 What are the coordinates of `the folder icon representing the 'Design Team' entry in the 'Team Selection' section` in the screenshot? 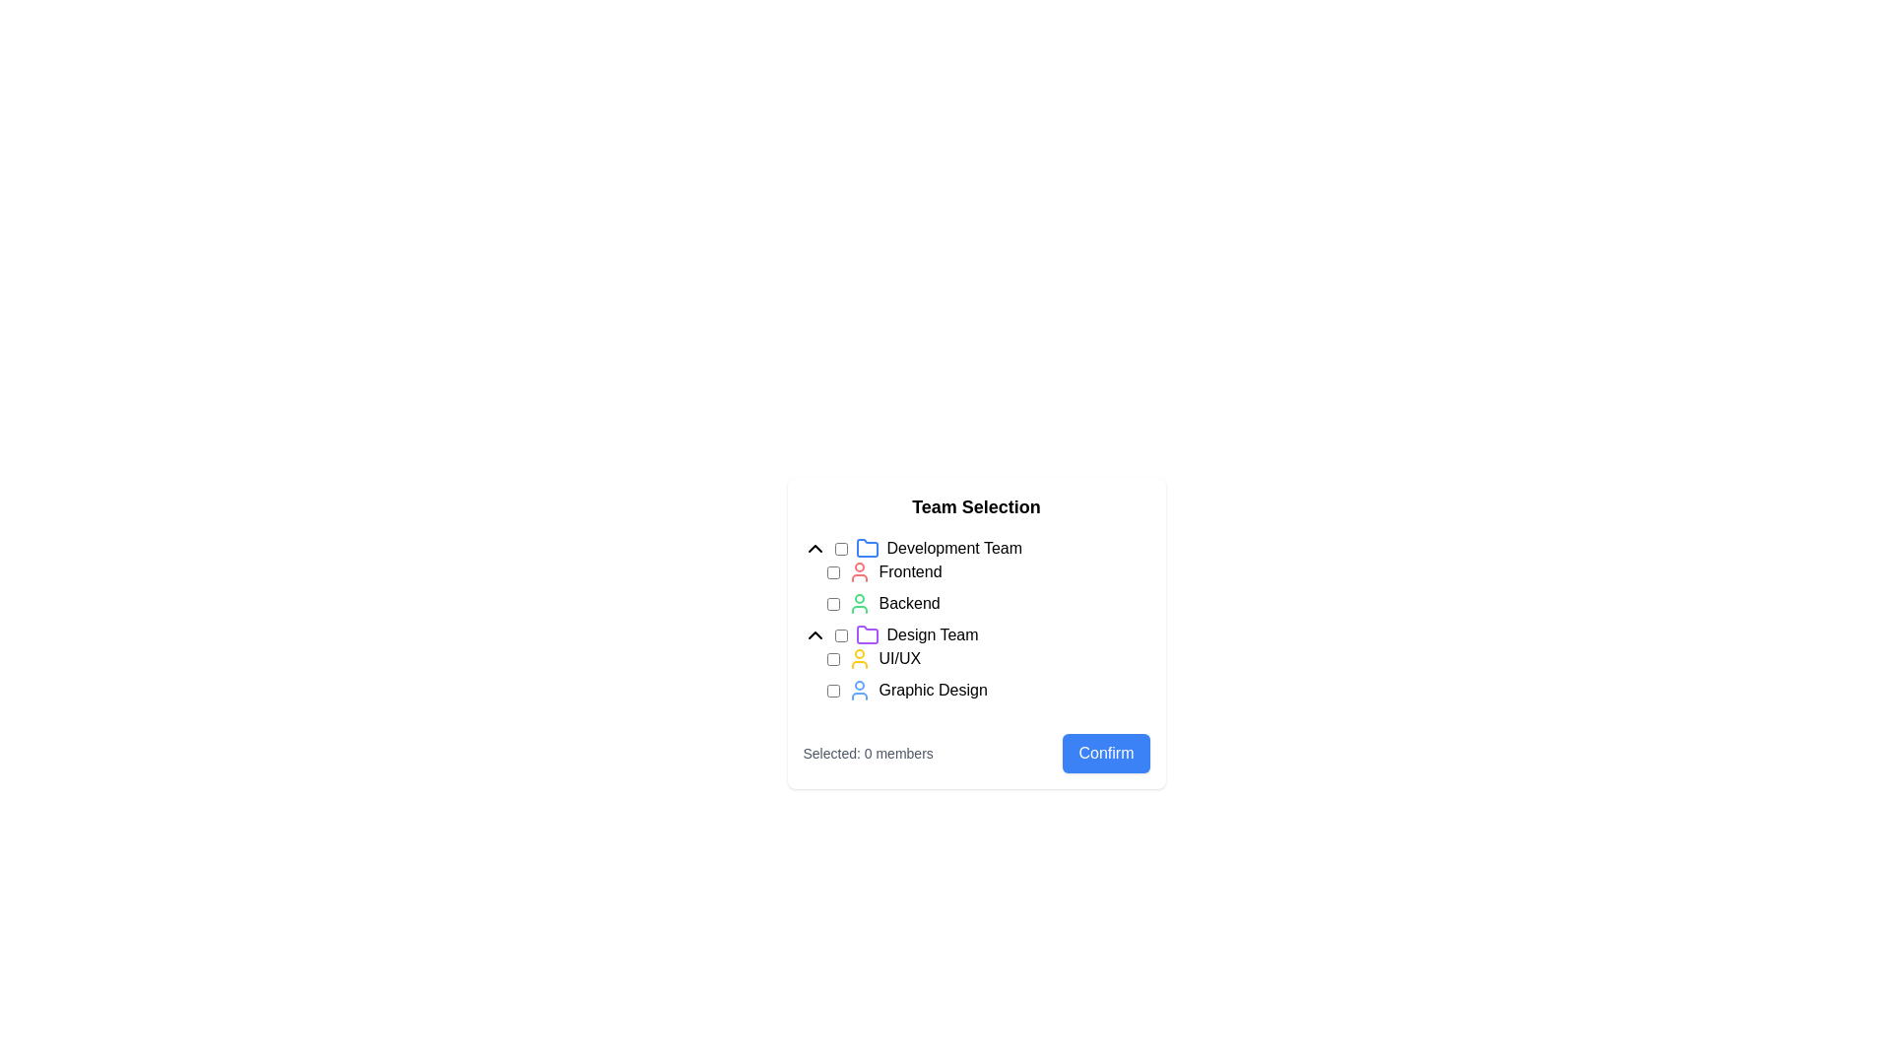 It's located at (867, 634).